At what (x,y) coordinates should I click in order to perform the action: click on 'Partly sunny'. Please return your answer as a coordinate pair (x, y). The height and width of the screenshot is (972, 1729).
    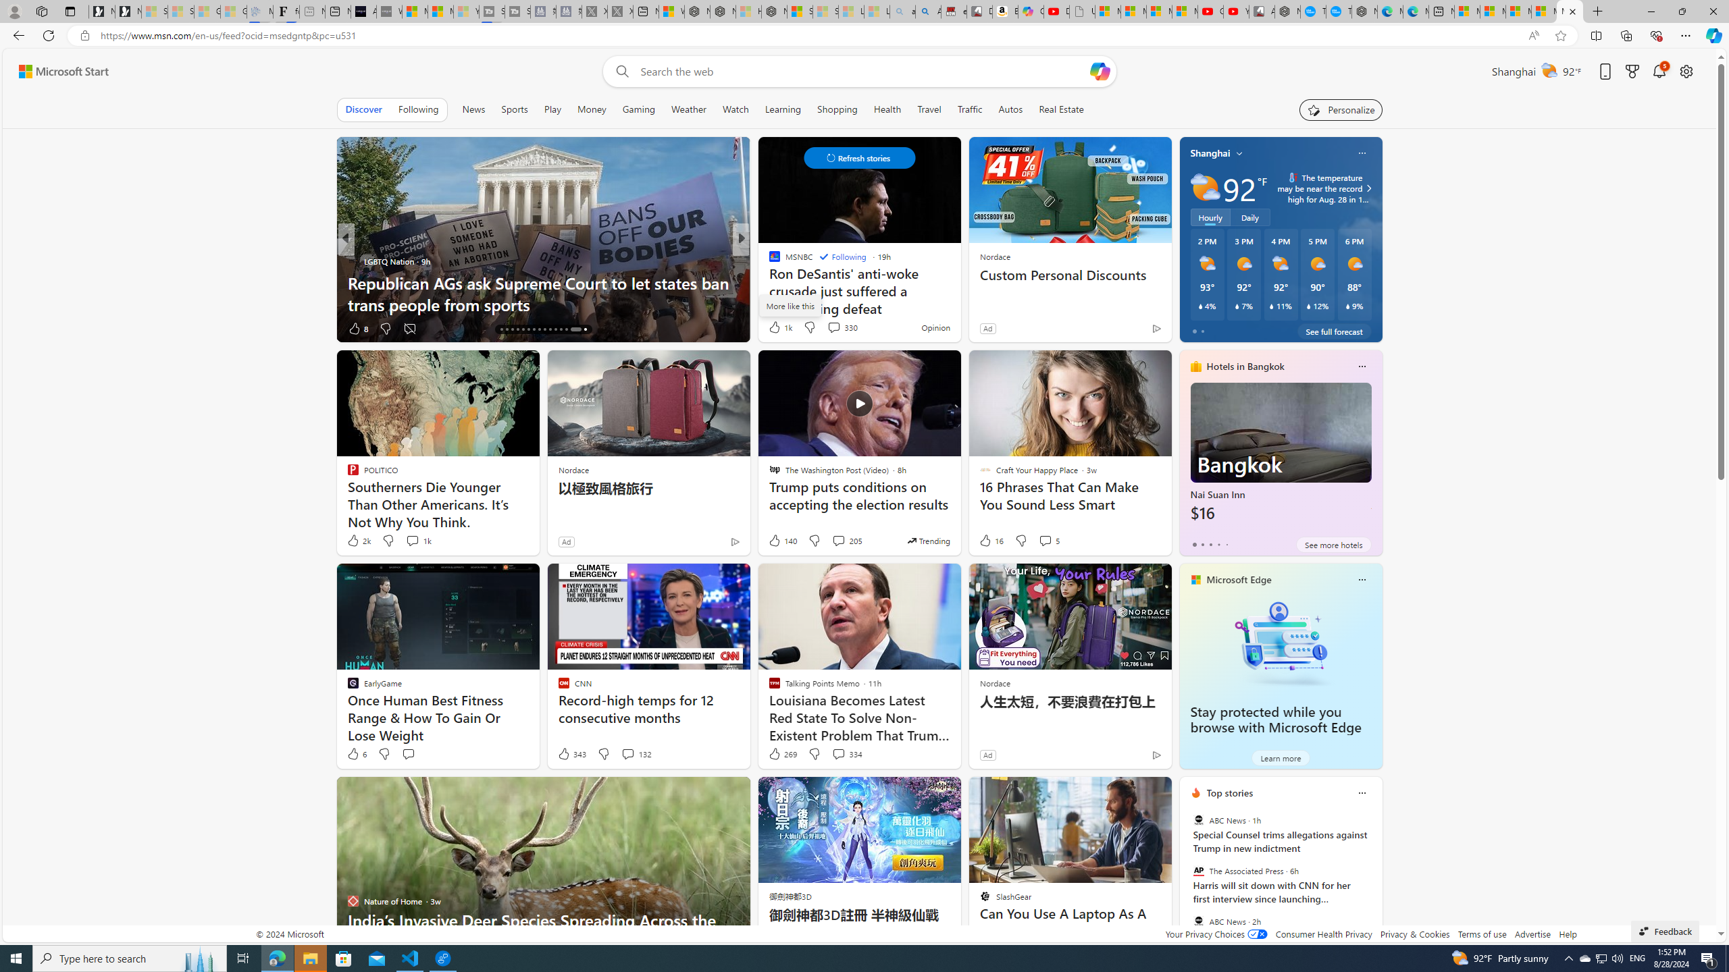
    Looking at the image, I should click on (1205, 187).